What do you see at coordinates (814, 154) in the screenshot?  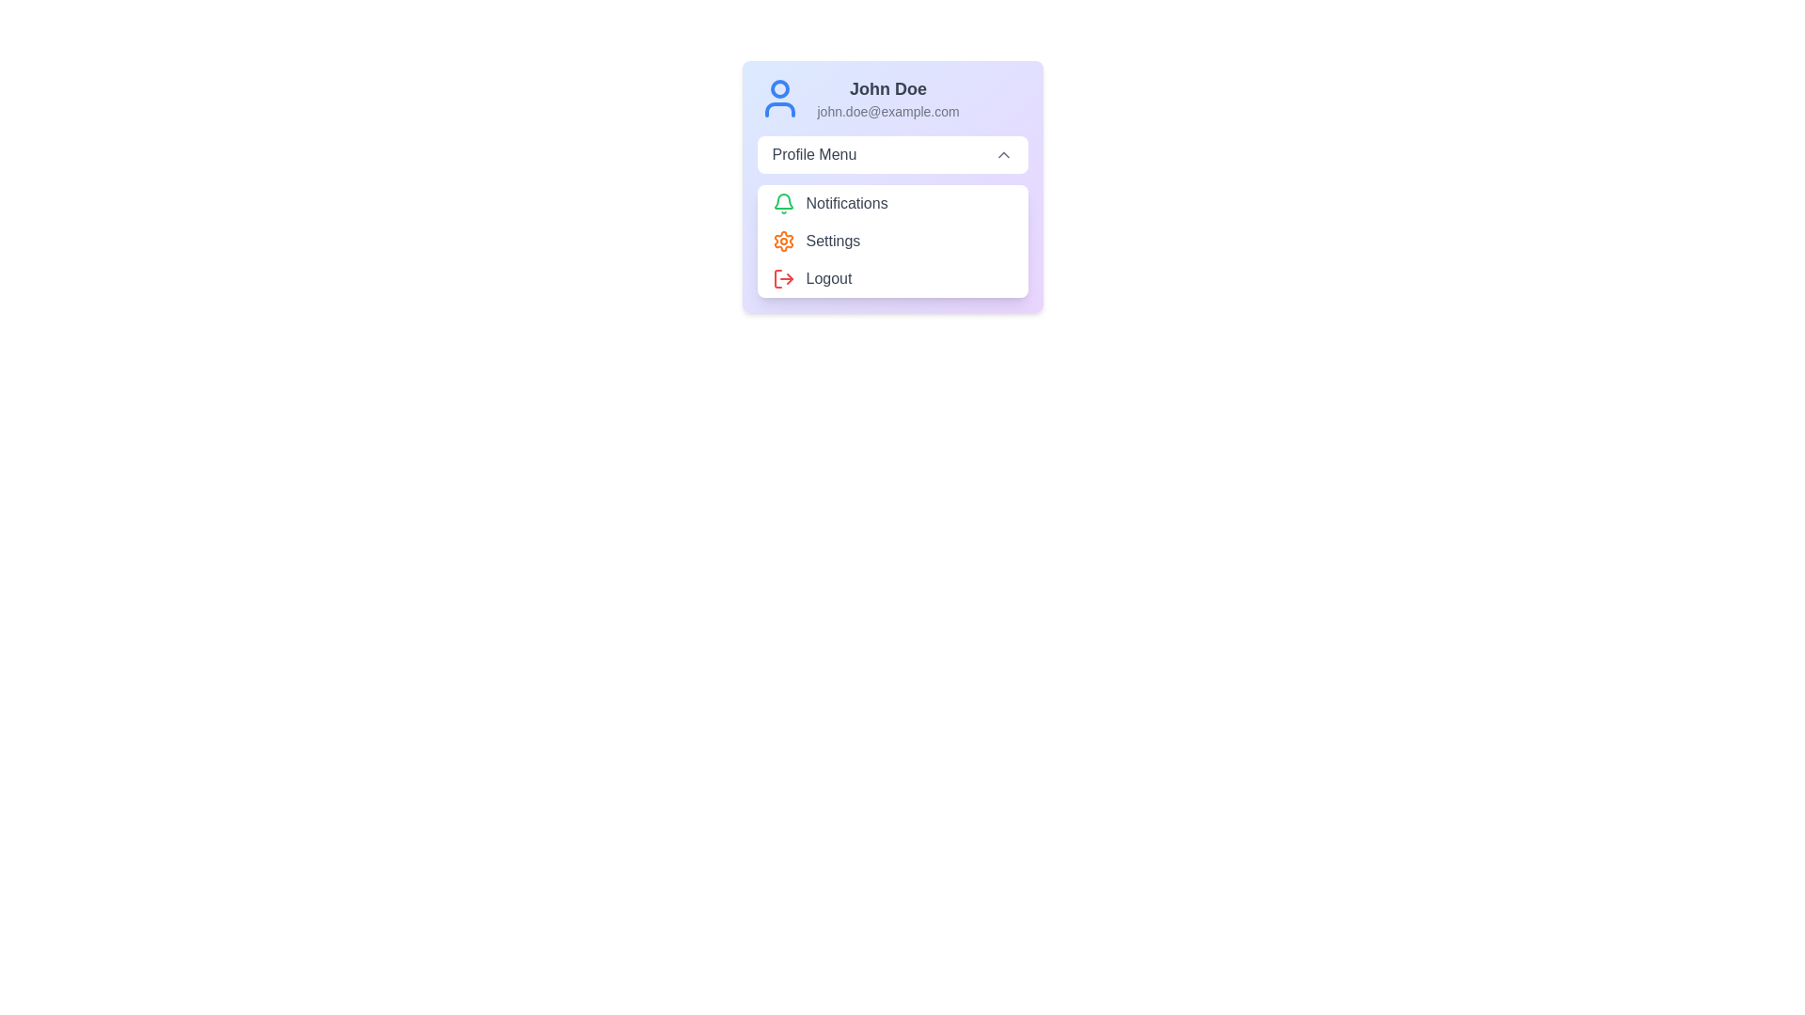 I see `the 'Profile Menu' label that indicates the dropdown menu for profile-specific actions or settings` at bounding box center [814, 154].